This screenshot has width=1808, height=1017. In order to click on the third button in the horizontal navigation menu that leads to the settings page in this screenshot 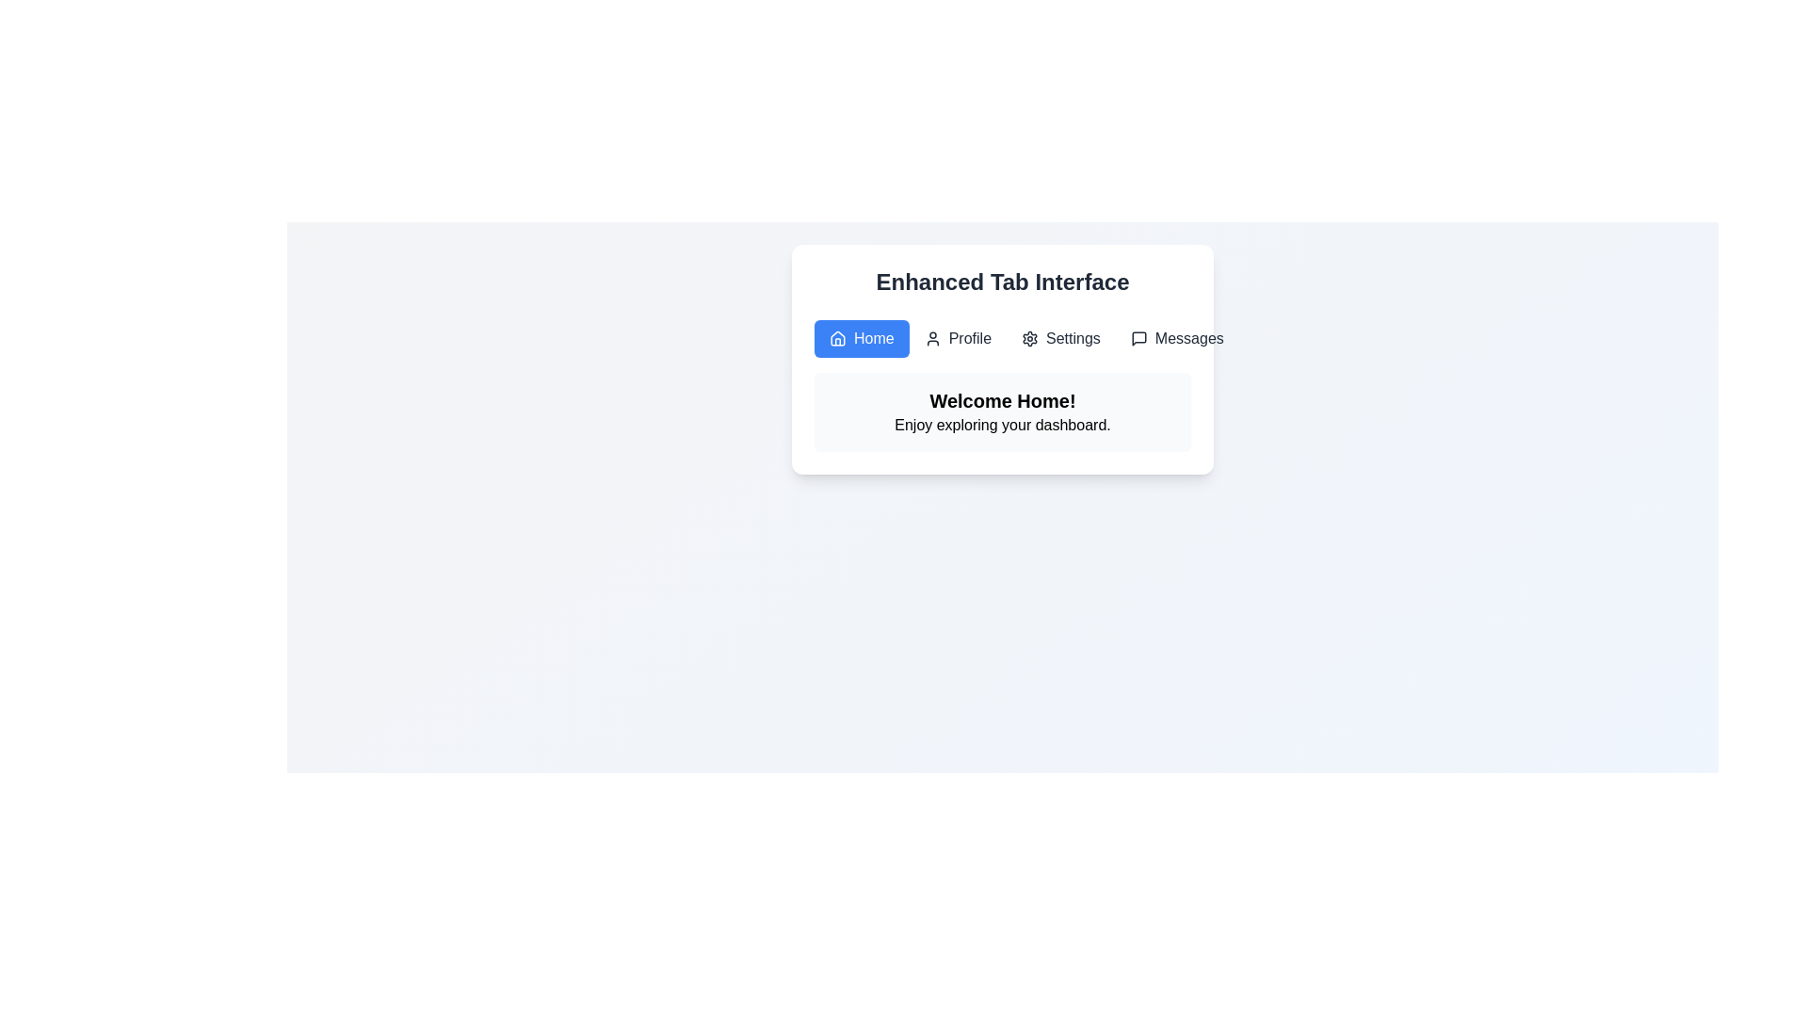, I will do `click(1061, 337)`.